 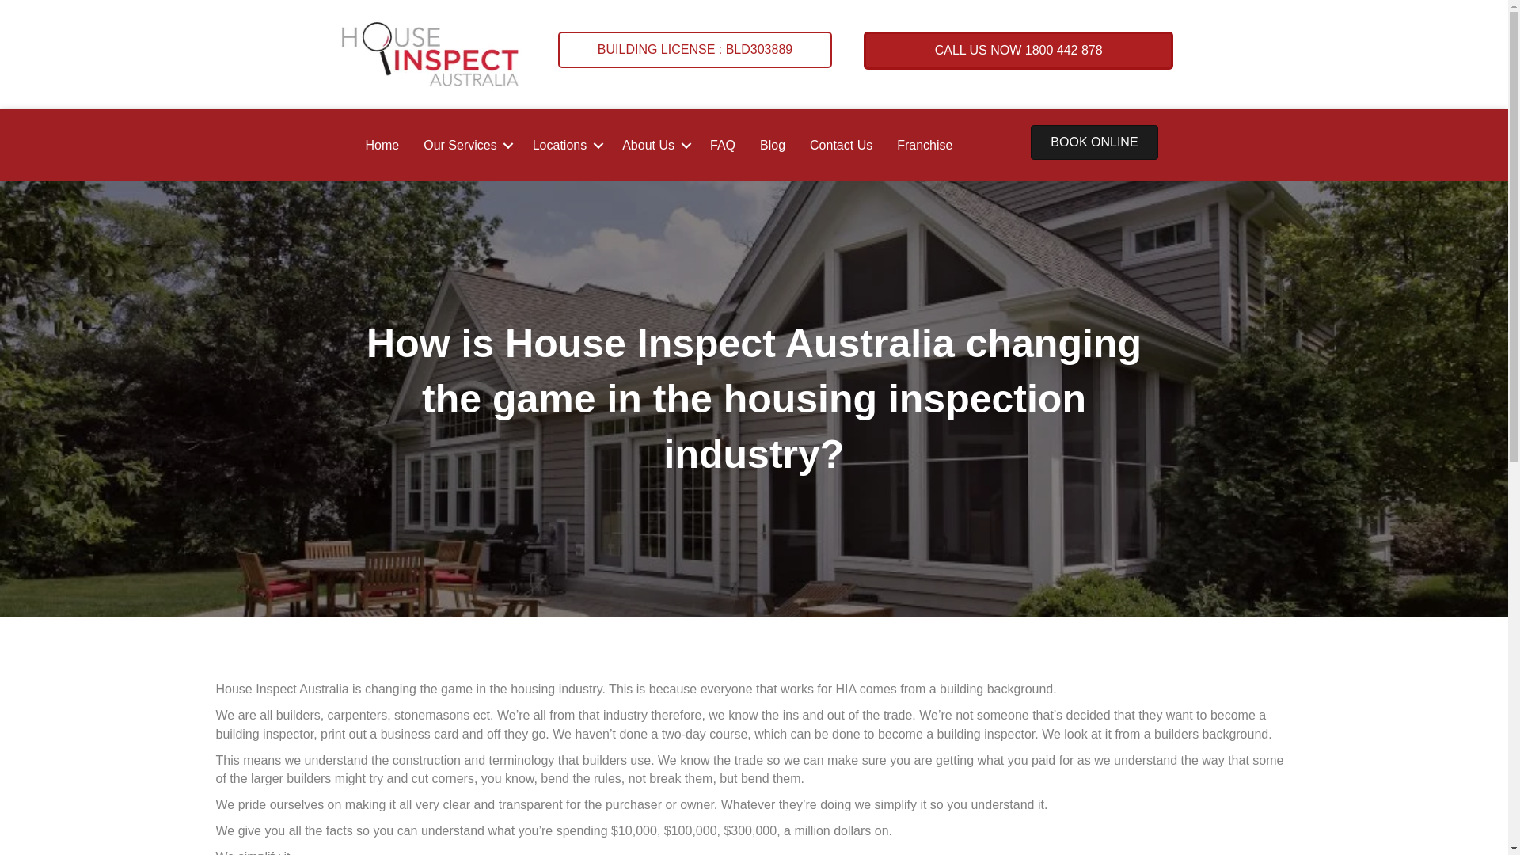 I want to click on 'Blog', so click(x=772, y=145).